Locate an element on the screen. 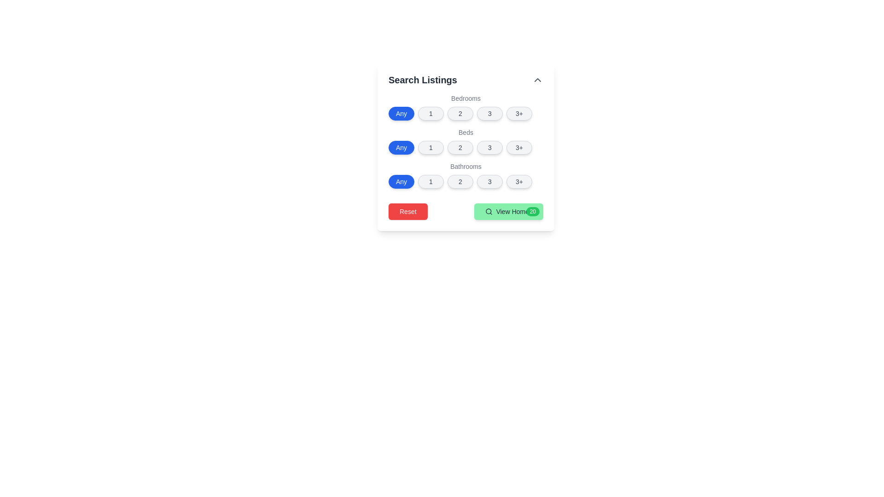 The height and width of the screenshot is (497, 884). the fourth button labeled '3' in the 'Beds' section is located at coordinates (489, 147).